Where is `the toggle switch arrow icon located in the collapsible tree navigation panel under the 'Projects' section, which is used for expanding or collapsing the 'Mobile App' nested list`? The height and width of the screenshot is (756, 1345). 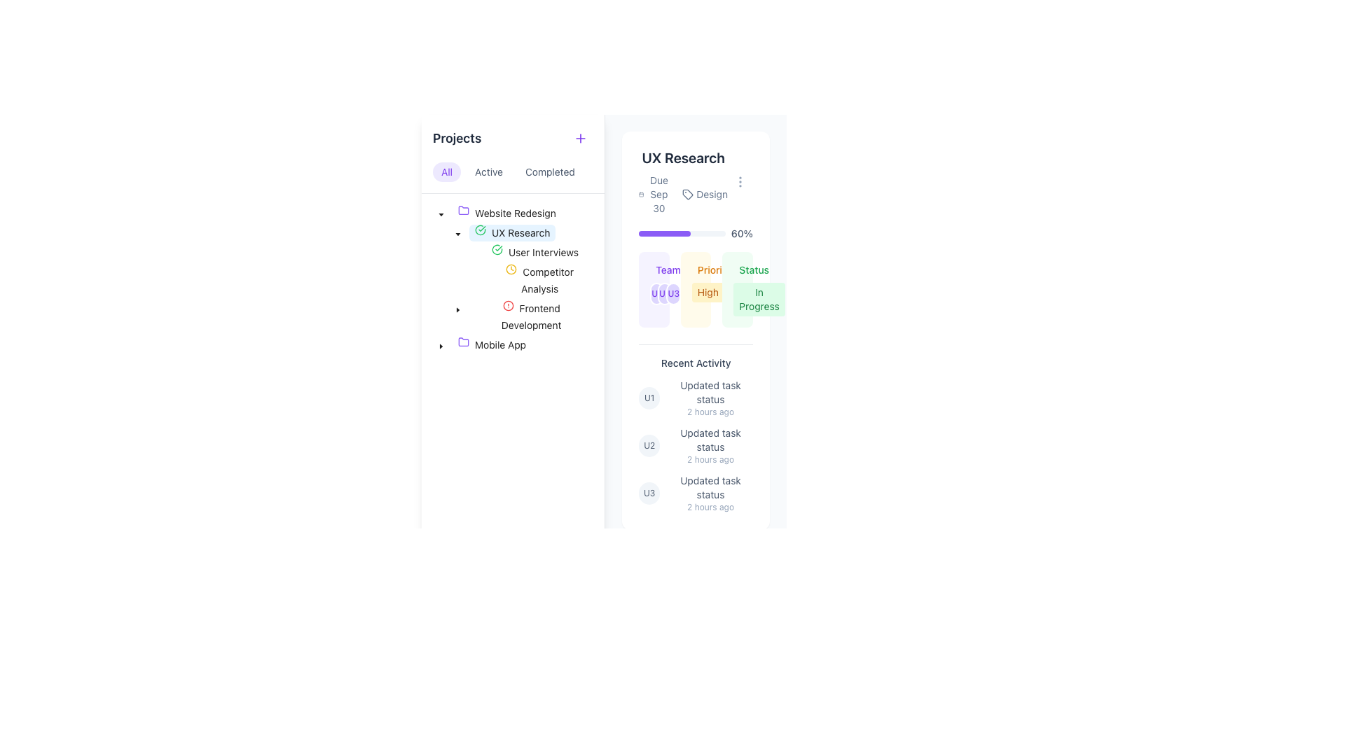
the toggle switch arrow icon located in the collapsible tree navigation panel under the 'Projects' section, which is used for expanding or collapsing the 'Mobile App' nested list is located at coordinates (440, 345).